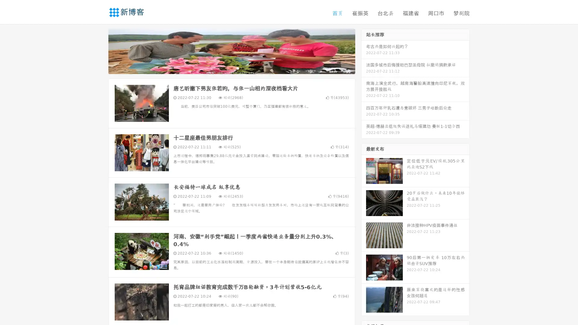 The image size is (578, 325). I want to click on Go to slide 1, so click(225, 68).